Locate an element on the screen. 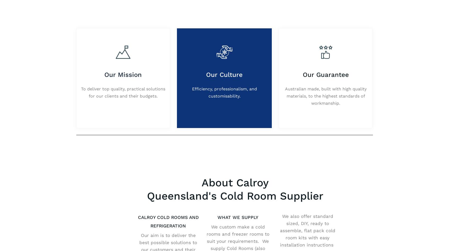 This screenshot has height=251, width=449. 'Our Mission' is located at coordinates (104, 74).